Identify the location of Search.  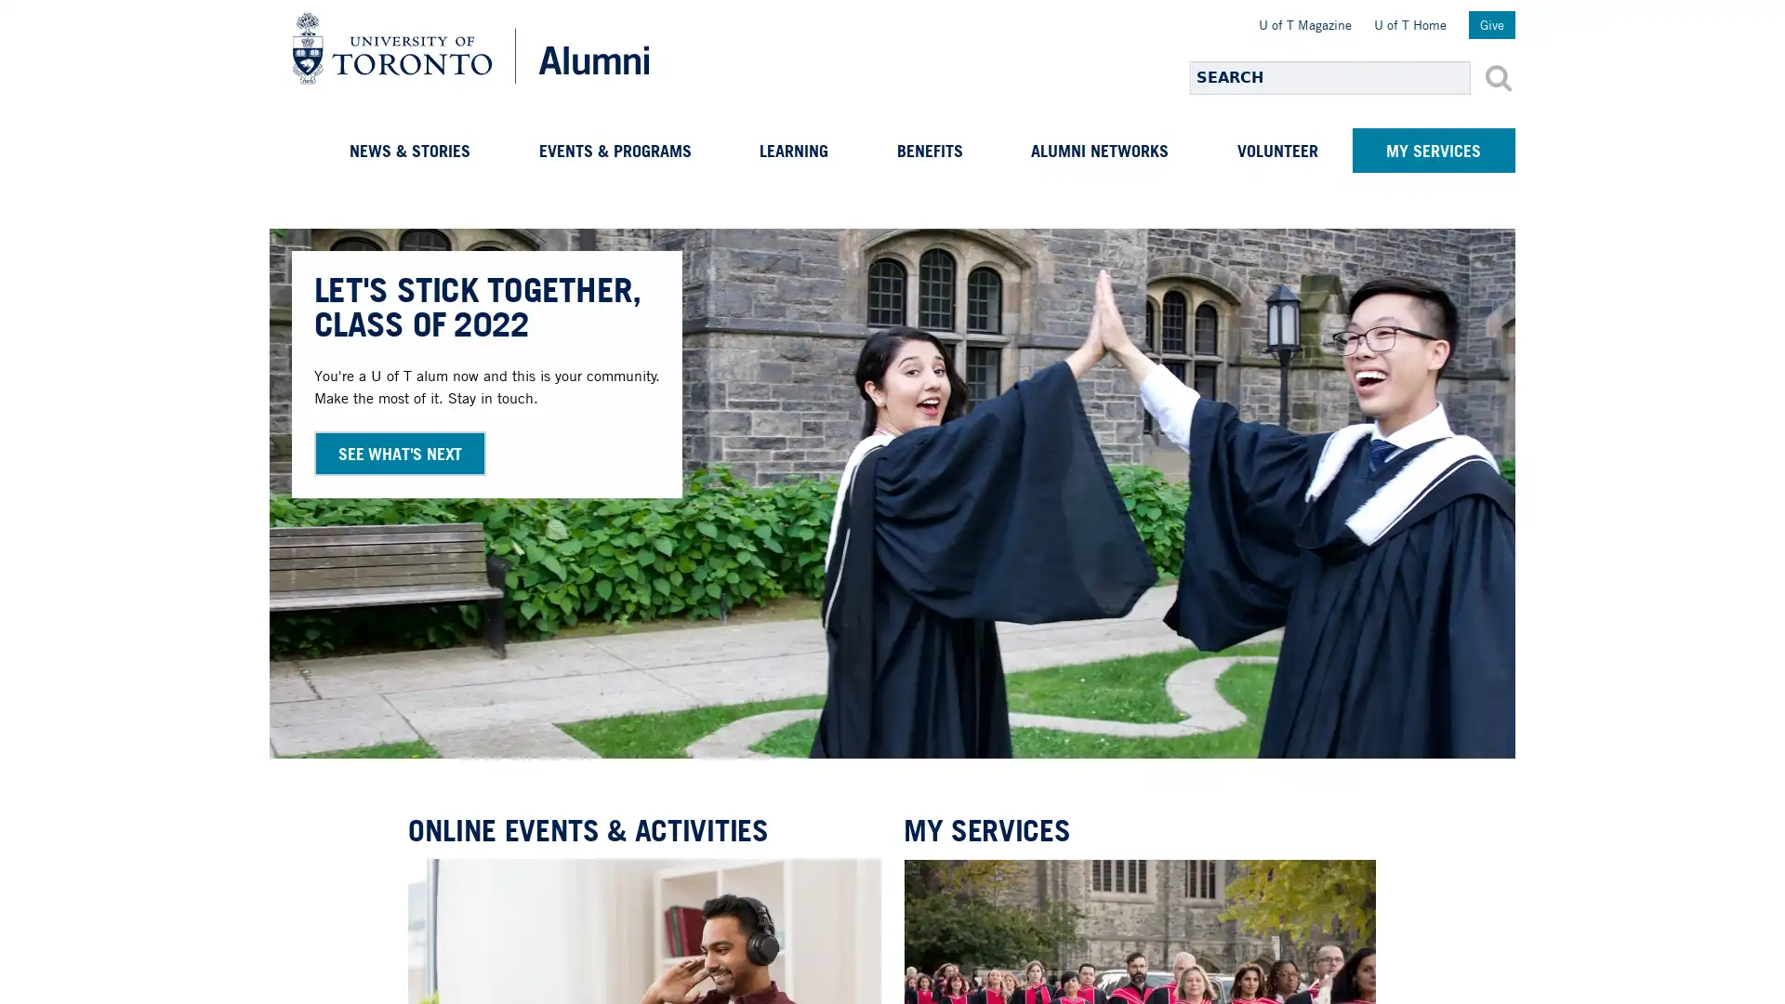
(1499, 77).